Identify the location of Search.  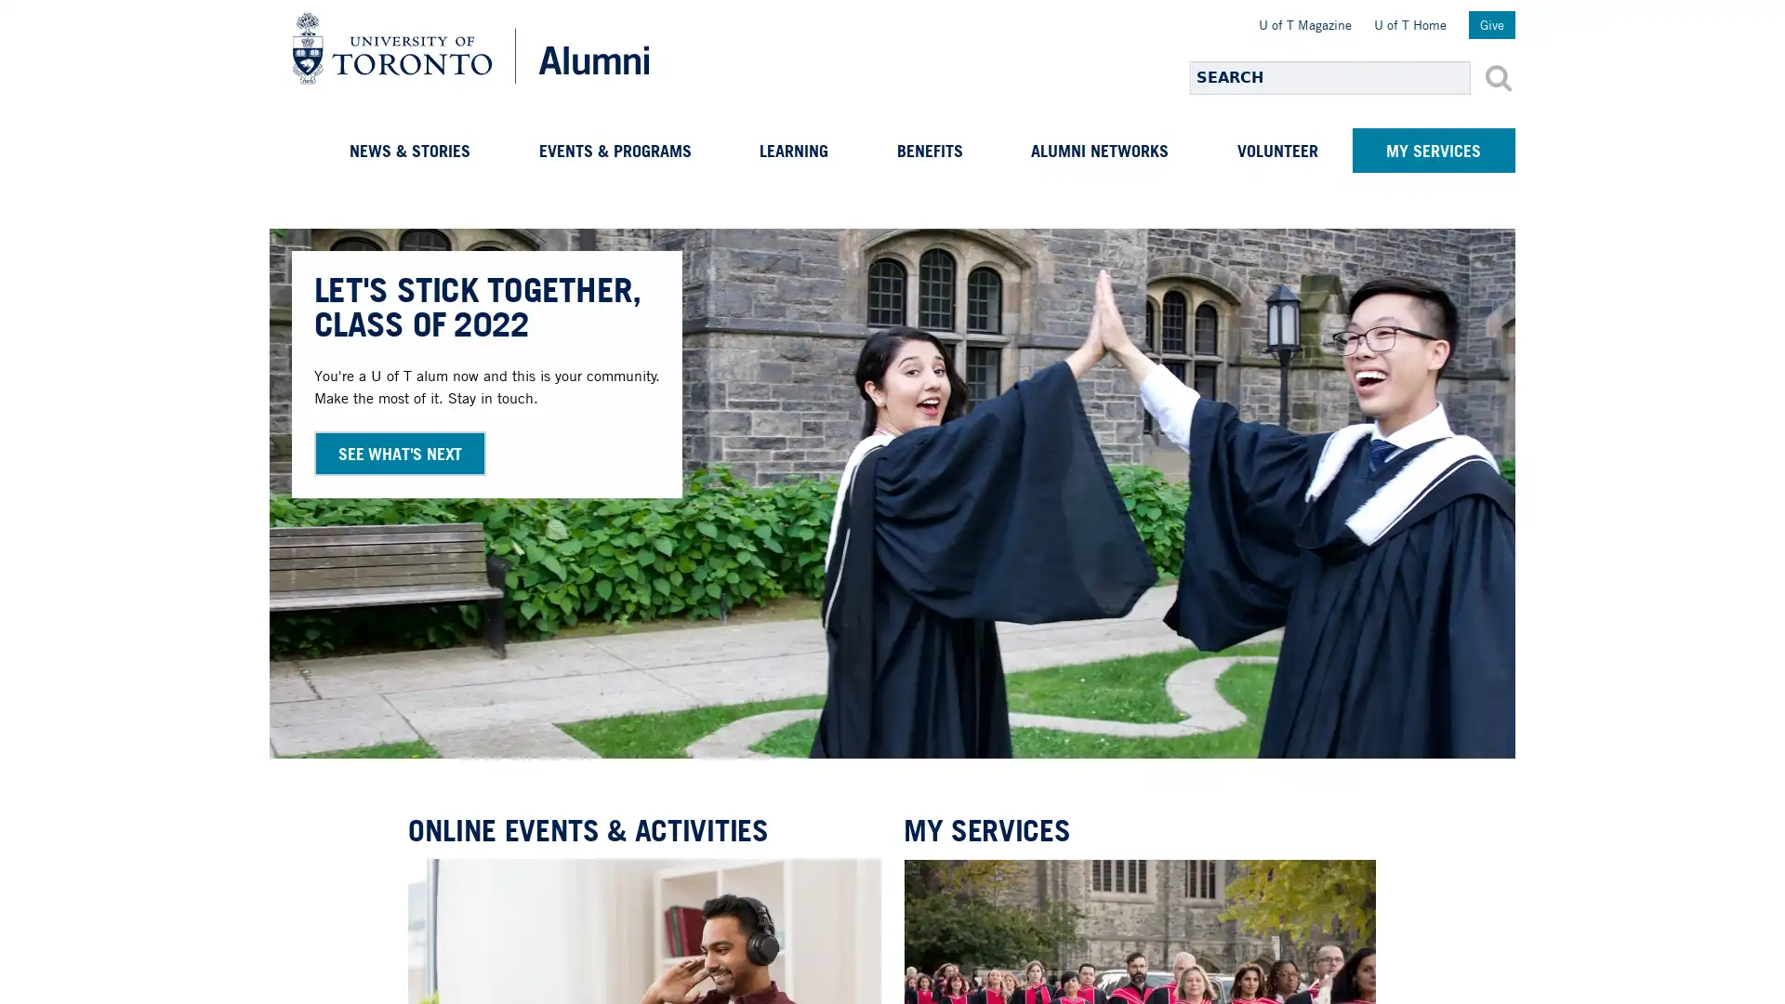
(1499, 77).